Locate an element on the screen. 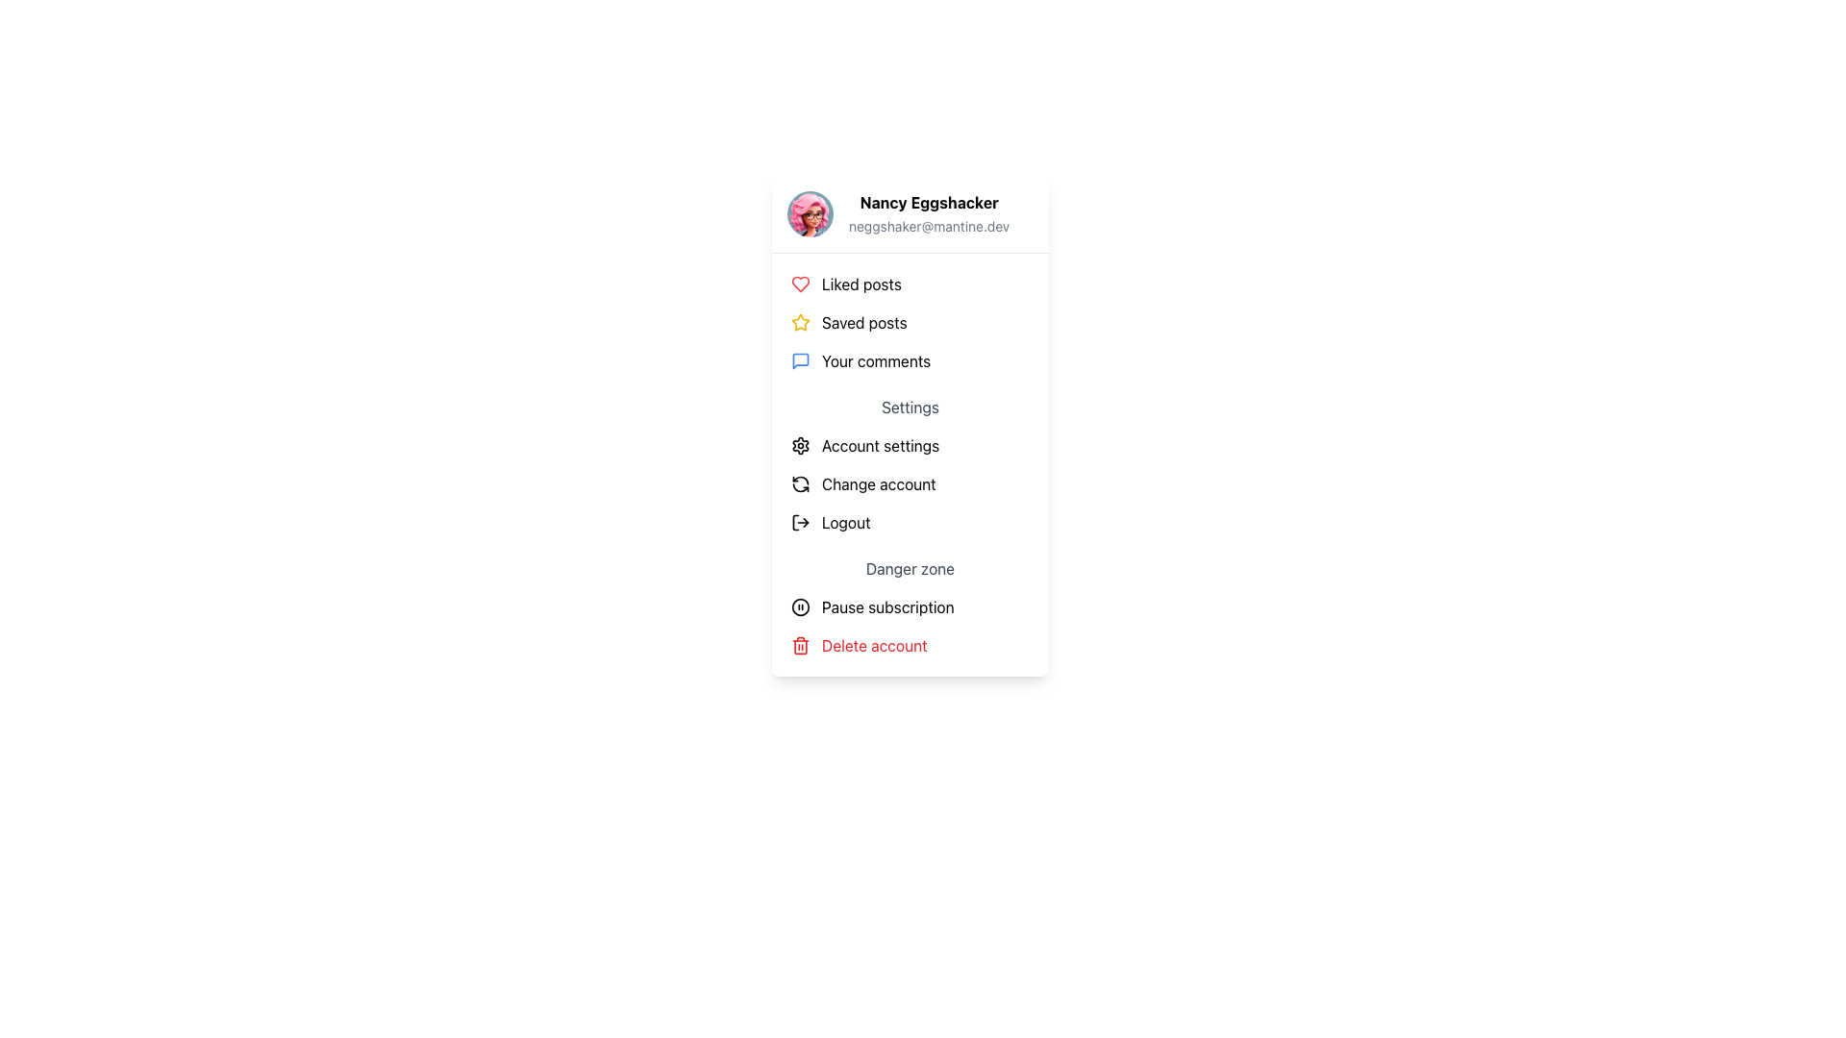  the interactive menu list item labeled 'Your comments', which features a blue outline speech bubble icon is located at coordinates (909, 360).